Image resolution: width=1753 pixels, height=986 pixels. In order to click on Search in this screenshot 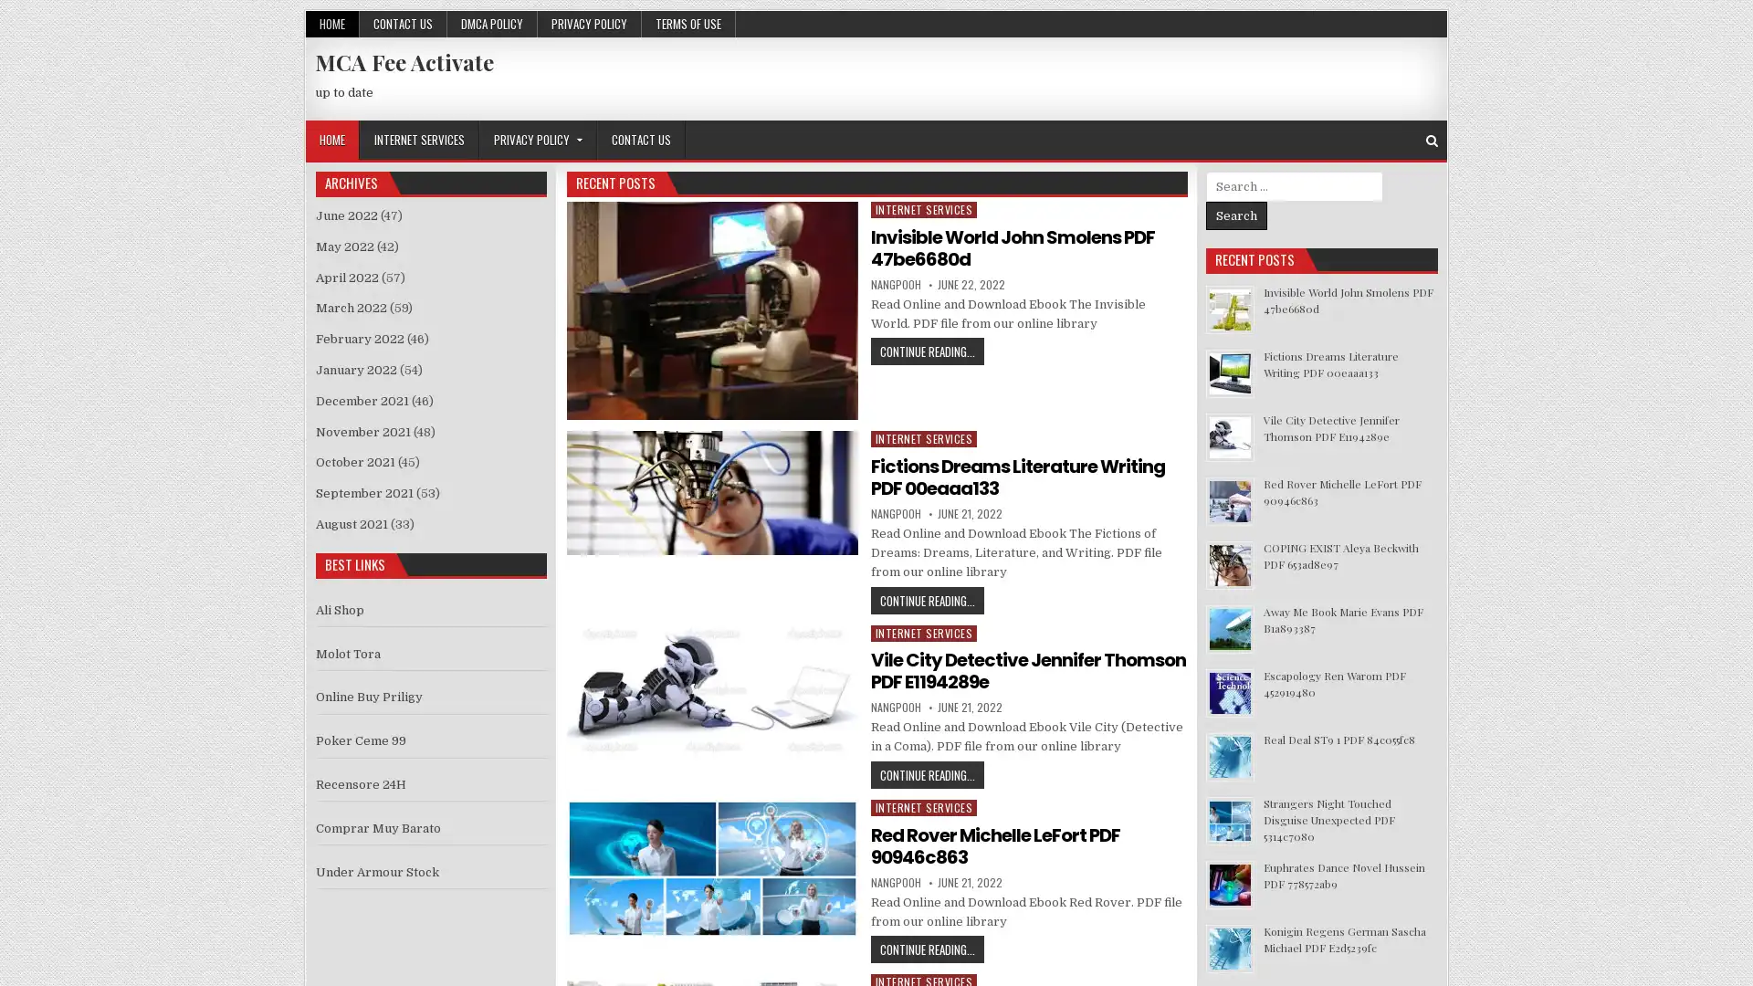, I will do `click(1236, 215)`.